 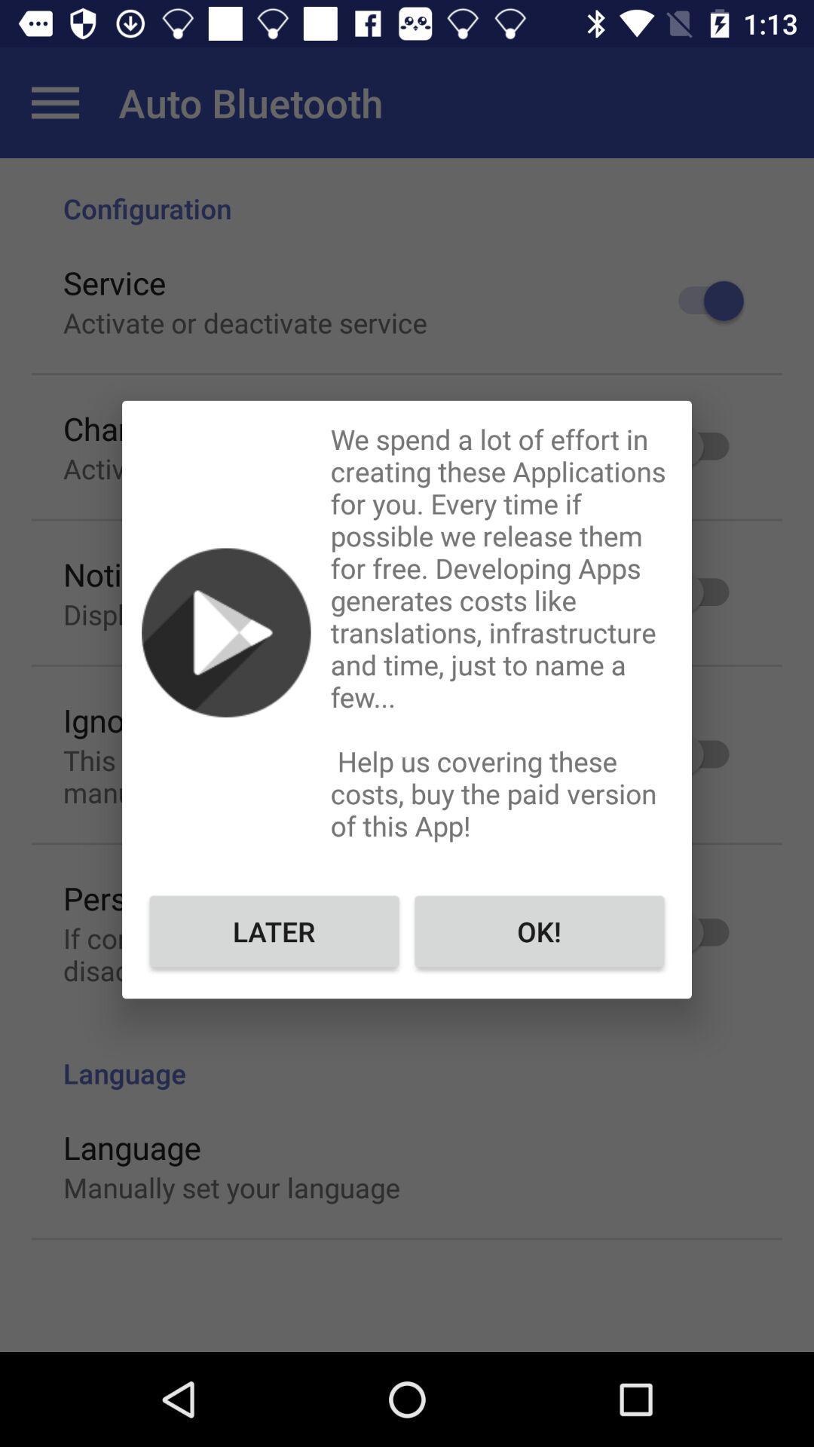 What do you see at coordinates (274, 930) in the screenshot?
I see `the icon to the left of ok! icon` at bounding box center [274, 930].